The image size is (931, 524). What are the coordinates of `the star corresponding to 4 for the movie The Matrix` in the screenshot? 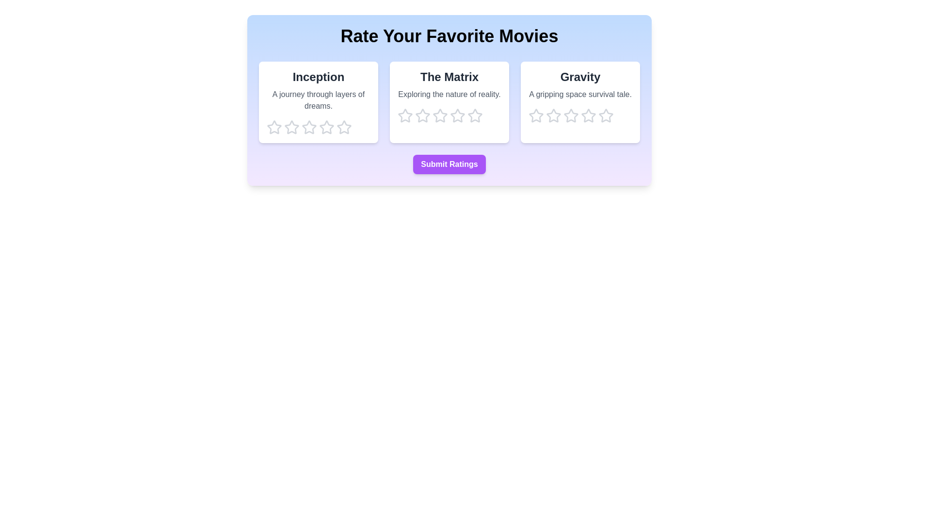 It's located at (457, 115).